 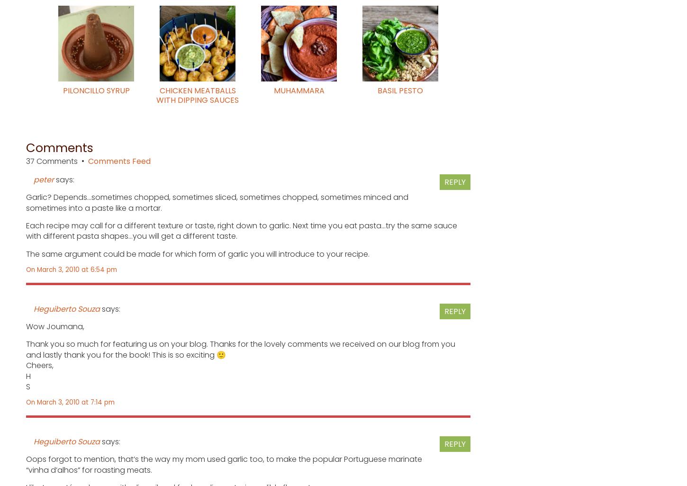 I want to click on 'Oops forgot to mention, that’s the way my mom used garlic too, to make the popular Portuguese marinate “vinha d’alhos” for roasting meats.', so click(x=223, y=464).